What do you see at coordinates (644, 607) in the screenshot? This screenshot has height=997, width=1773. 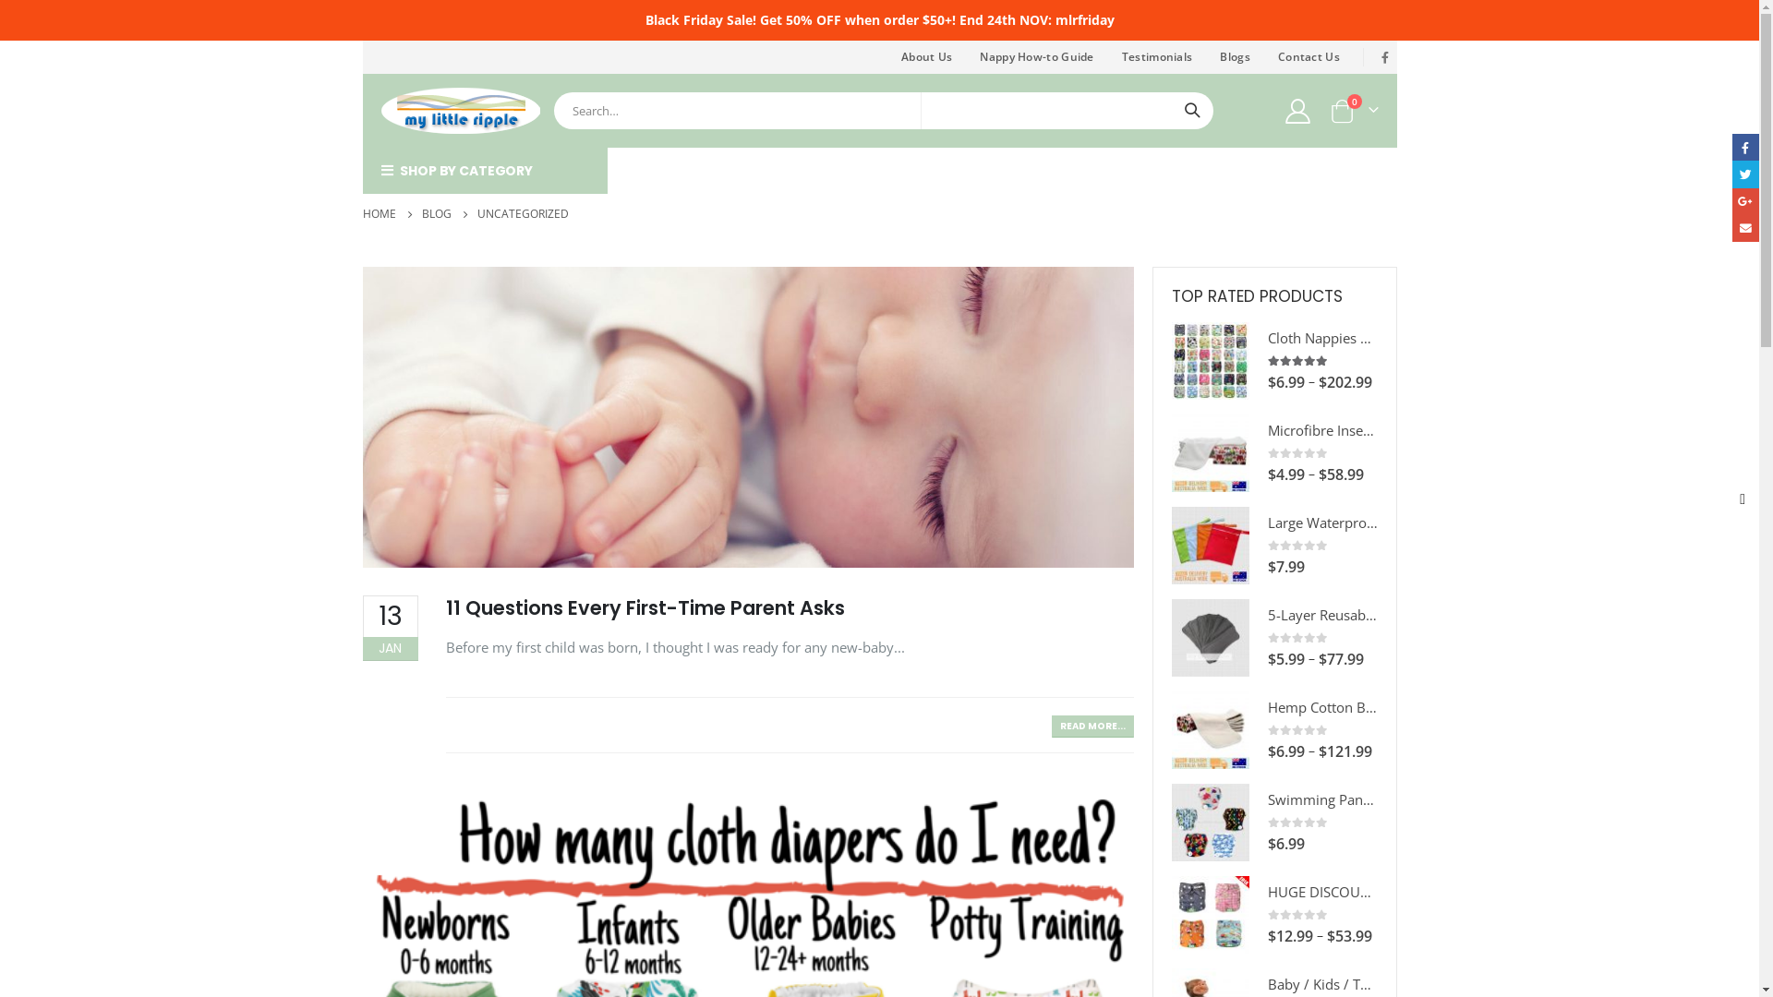 I see `'11 Questions Every First-Time Parent Asks'` at bounding box center [644, 607].